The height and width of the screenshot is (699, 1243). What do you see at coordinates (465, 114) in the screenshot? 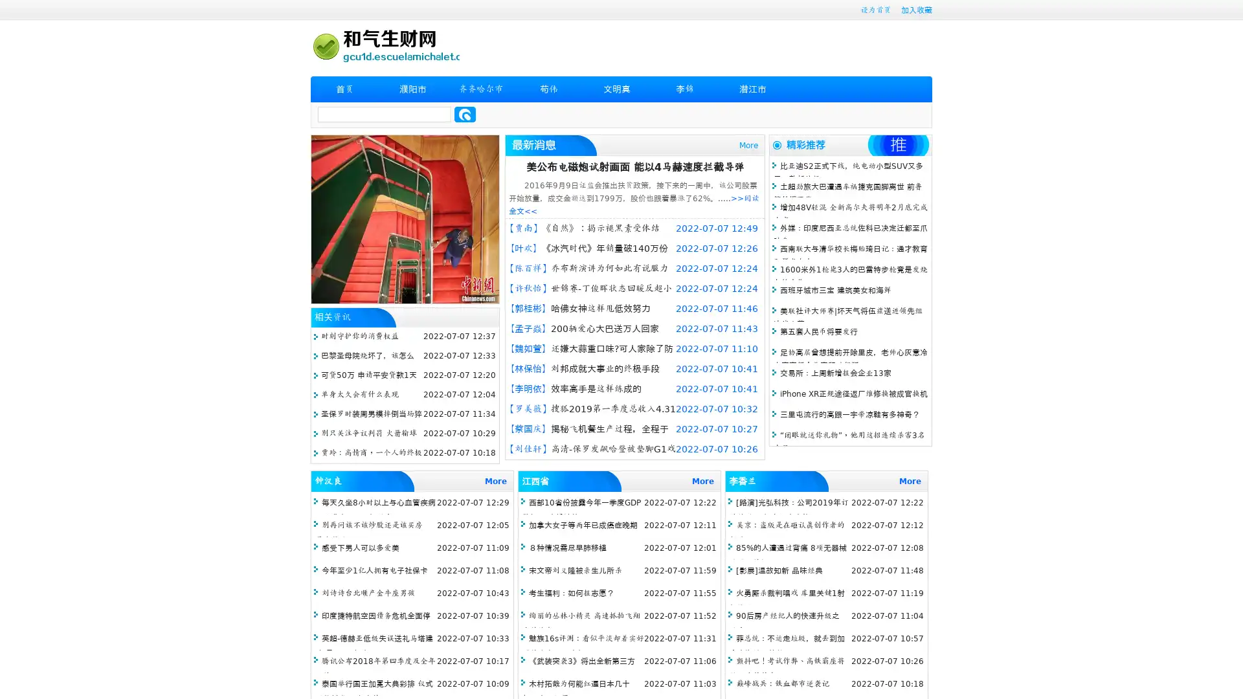
I see `Search` at bounding box center [465, 114].